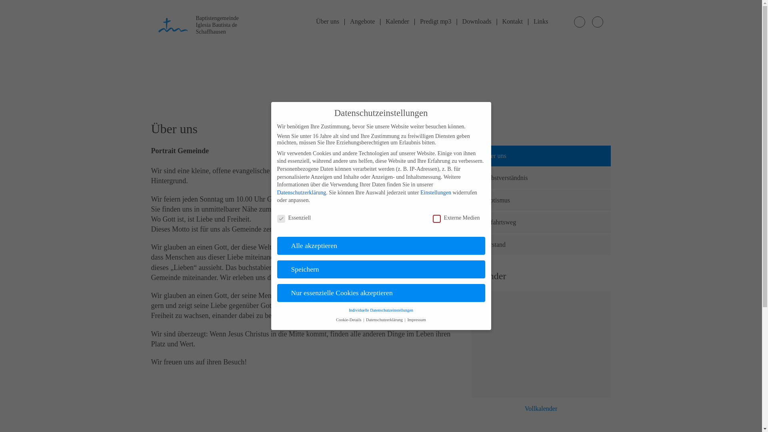 The height and width of the screenshot is (432, 768). Describe the element at coordinates (471, 222) in the screenshot. I see `'Anfahrtsweg'` at that location.